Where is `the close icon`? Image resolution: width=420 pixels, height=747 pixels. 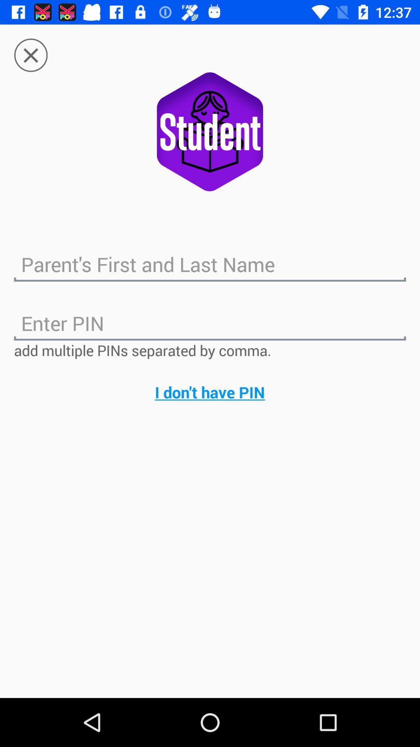 the close icon is located at coordinates (30, 48).